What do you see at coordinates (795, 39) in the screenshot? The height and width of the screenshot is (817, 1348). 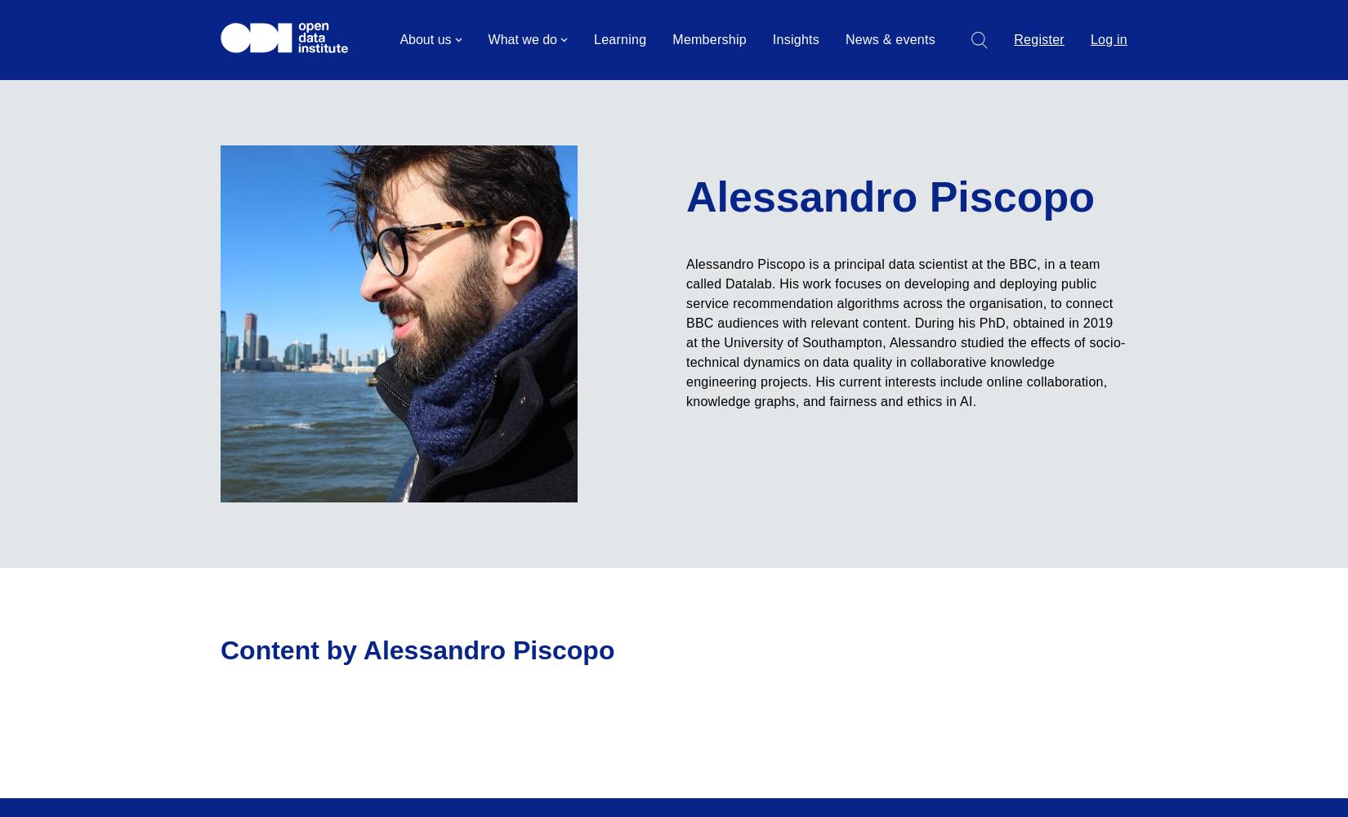 I see `'Insights'` at bounding box center [795, 39].